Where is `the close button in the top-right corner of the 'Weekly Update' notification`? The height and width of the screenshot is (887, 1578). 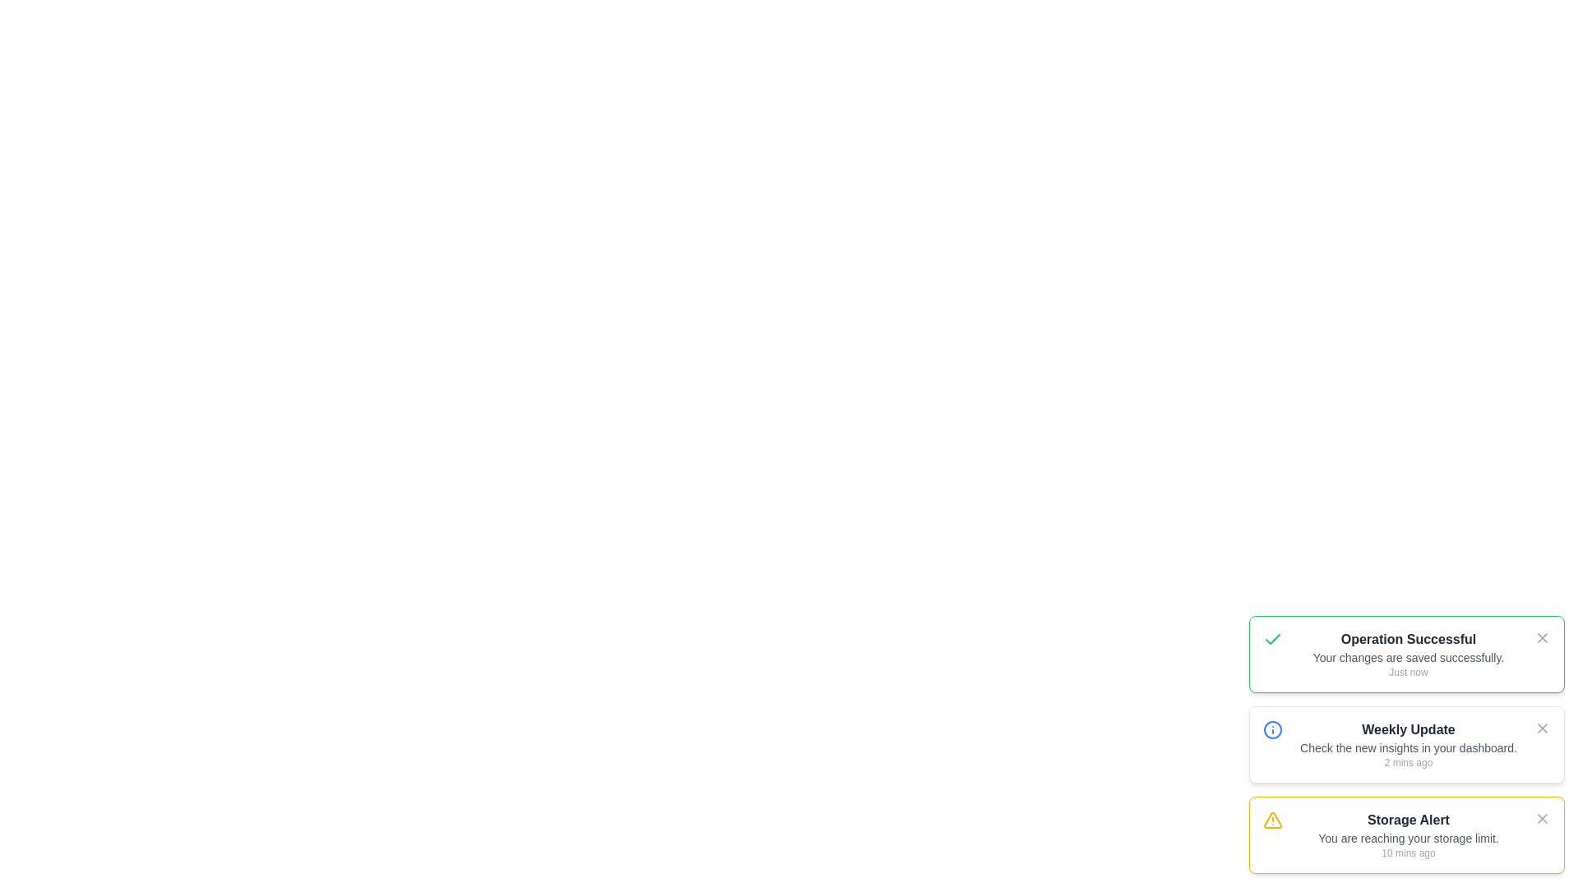
the close button in the top-right corner of the 'Weekly Update' notification is located at coordinates (1541, 728).